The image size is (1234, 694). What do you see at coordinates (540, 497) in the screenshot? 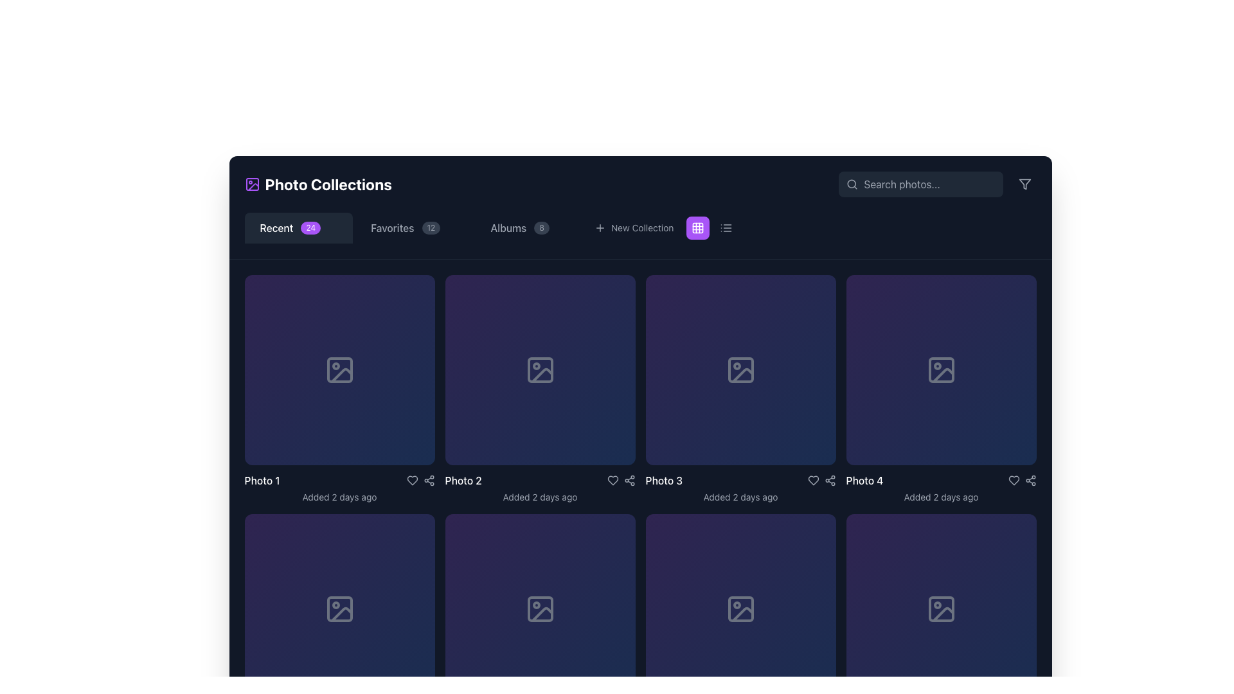
I see `message displayed in the Text label located directly below the 'Photo 2' title in the second cell of the grid layout` at bounding box center [540, 497].